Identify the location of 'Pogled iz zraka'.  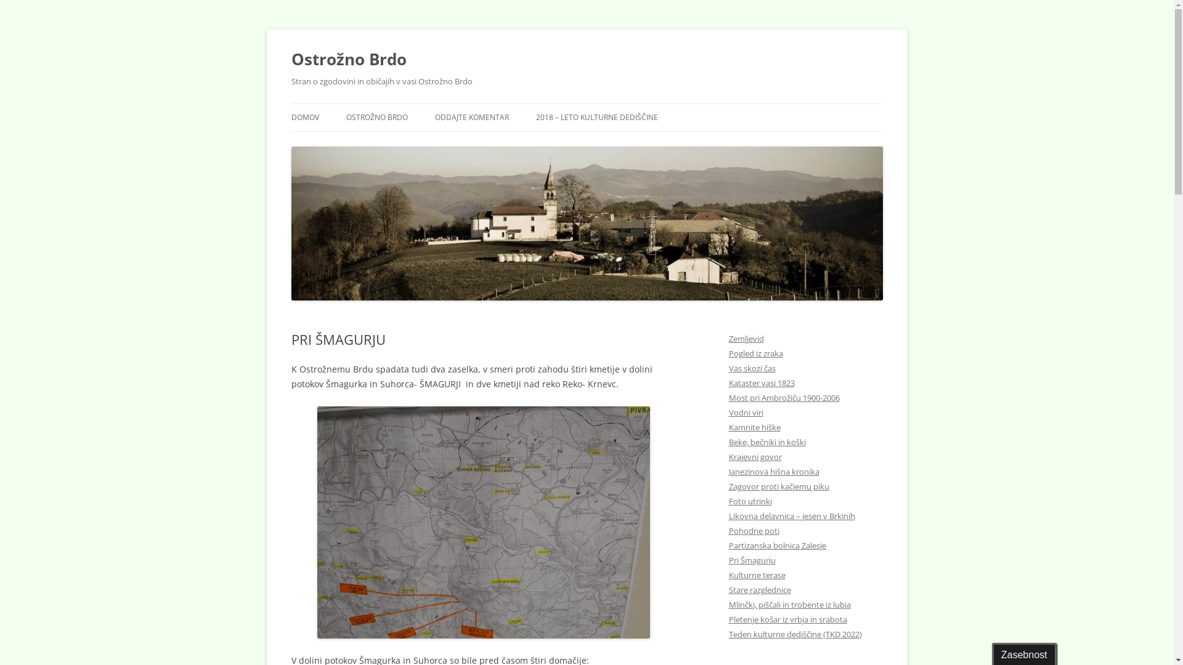
(754, 353).